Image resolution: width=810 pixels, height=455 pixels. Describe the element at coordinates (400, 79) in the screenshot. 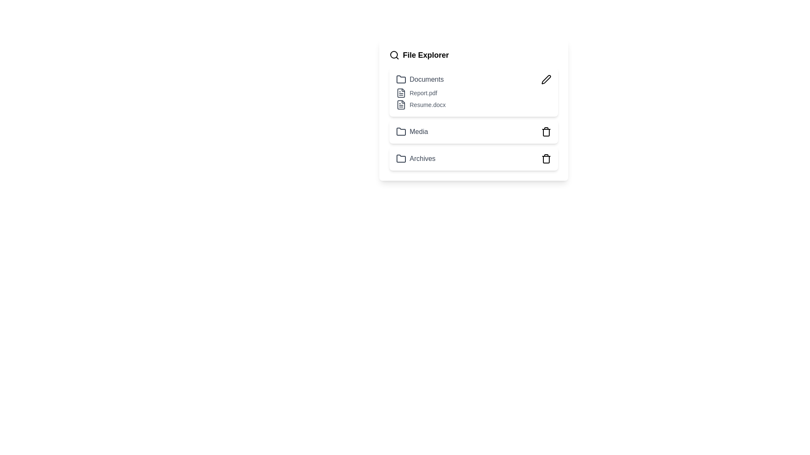

I see `the folder icon representing the 'Documents' section in the file explorer, which is the first item in the vertical list under the 'File Explorer' title` at that location.